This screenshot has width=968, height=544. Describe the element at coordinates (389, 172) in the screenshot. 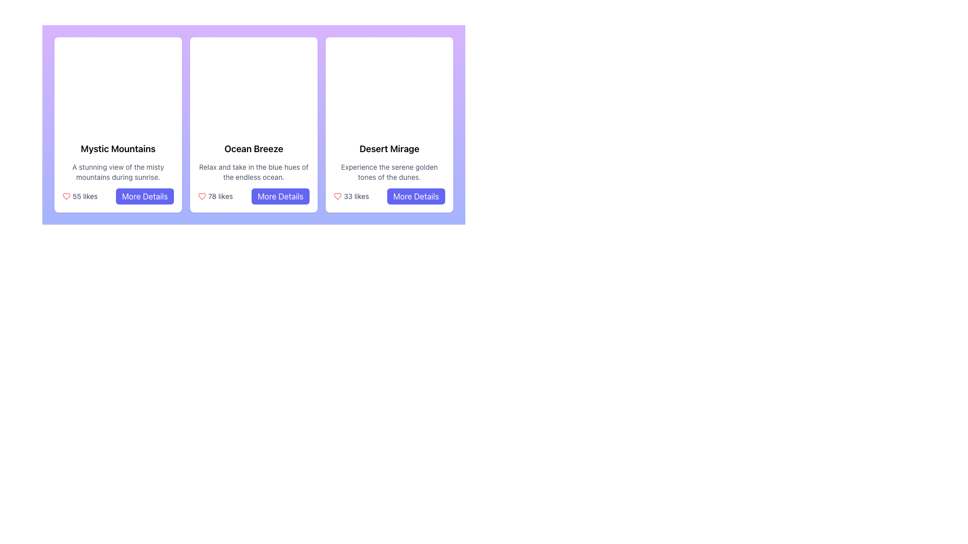

I see `the descriptive text element that provides additional information about 'Desert Mirage', which is positioned below the title and above the like count and 'More Details' button` at that location.